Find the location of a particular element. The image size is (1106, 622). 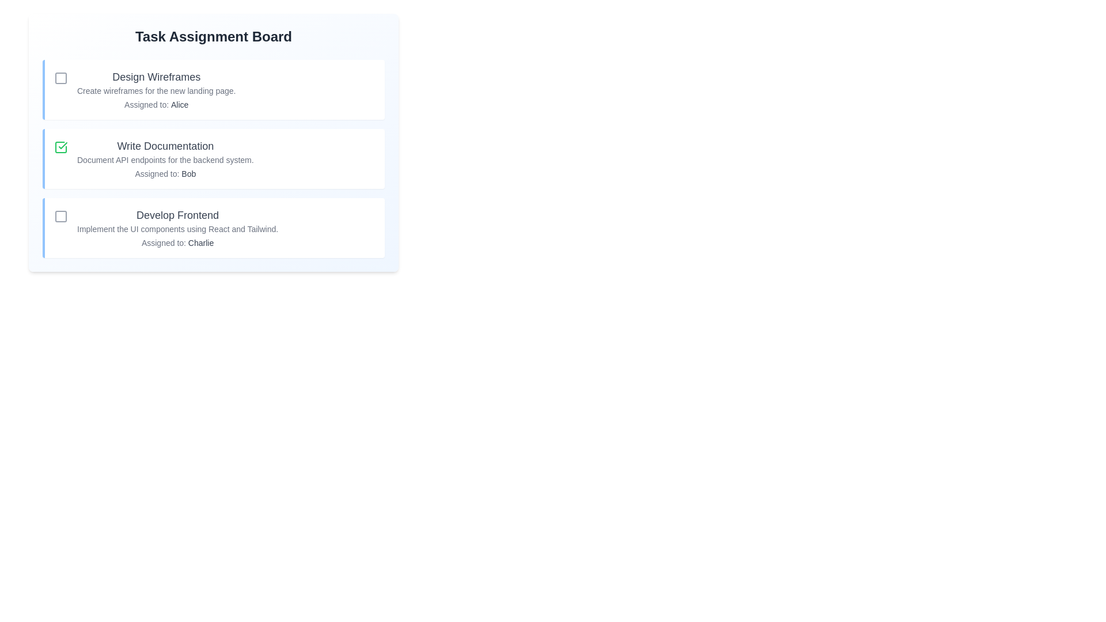

the Task card titled 'Develop Frontend' is located at coordinates (177, 228).